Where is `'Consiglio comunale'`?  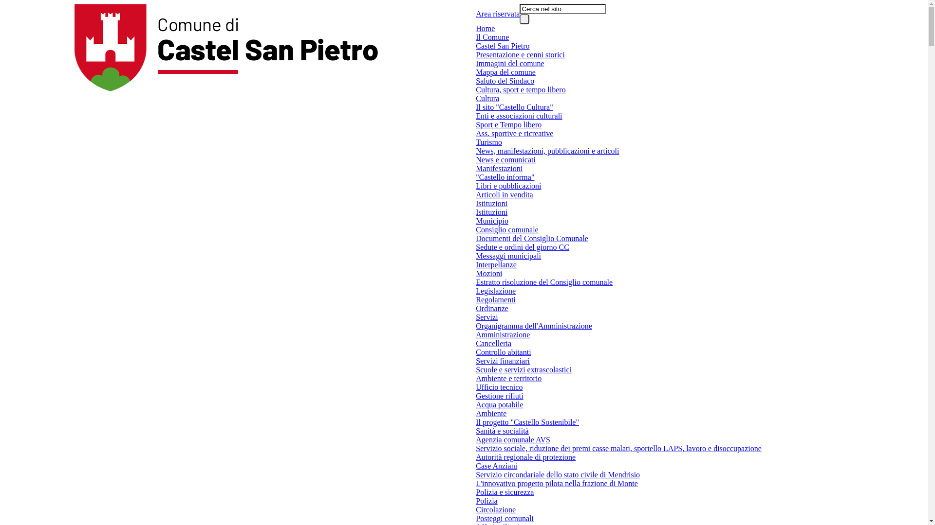
'Consiglio comunale' is located at coordinates (506, 230).